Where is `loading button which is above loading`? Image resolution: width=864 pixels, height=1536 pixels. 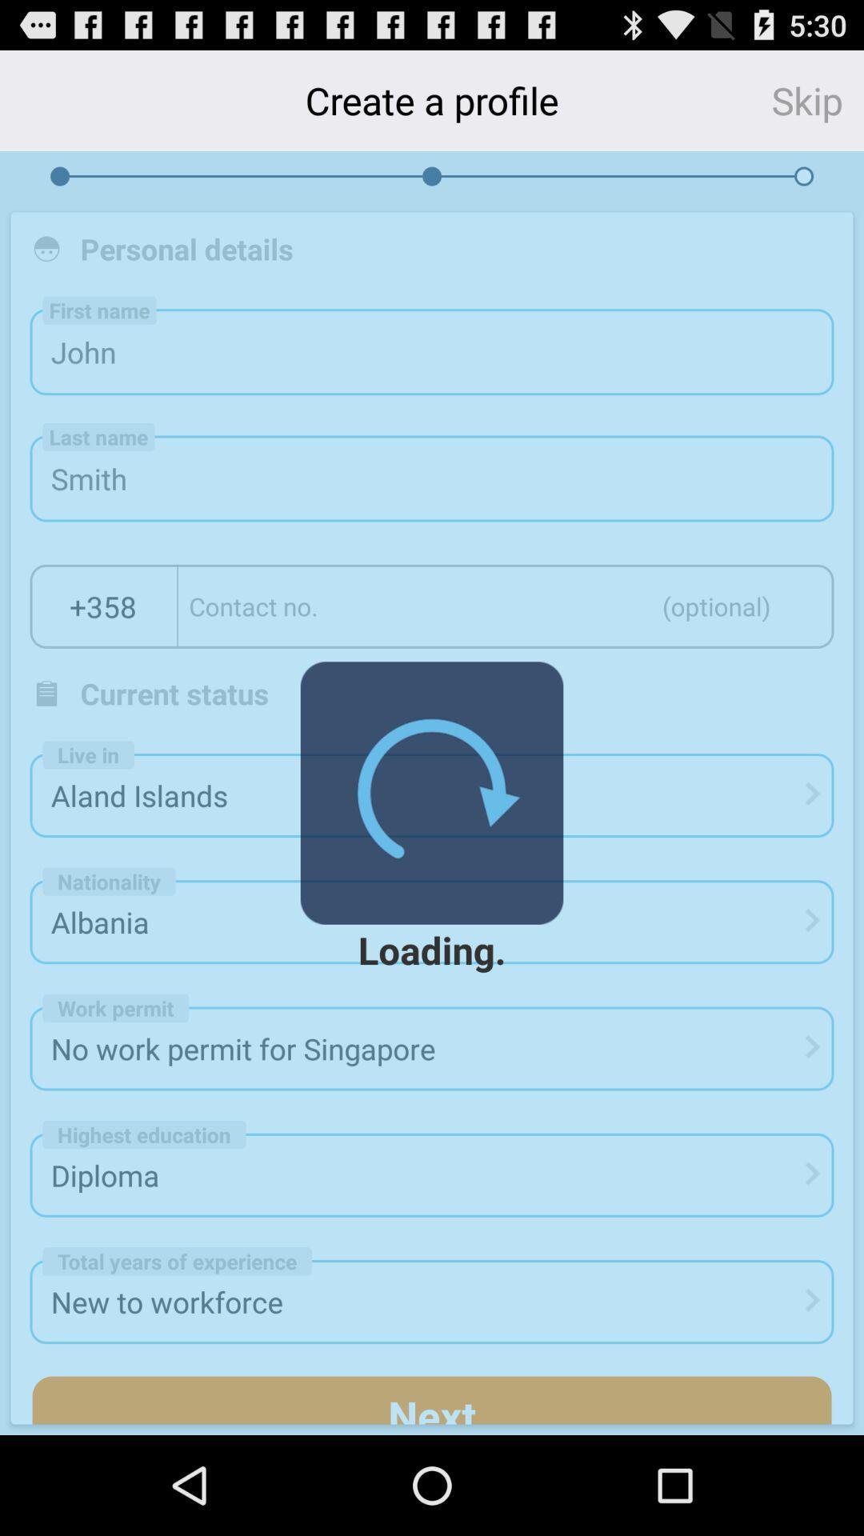 loading button which is above loading is located at coordinates (432, 793).